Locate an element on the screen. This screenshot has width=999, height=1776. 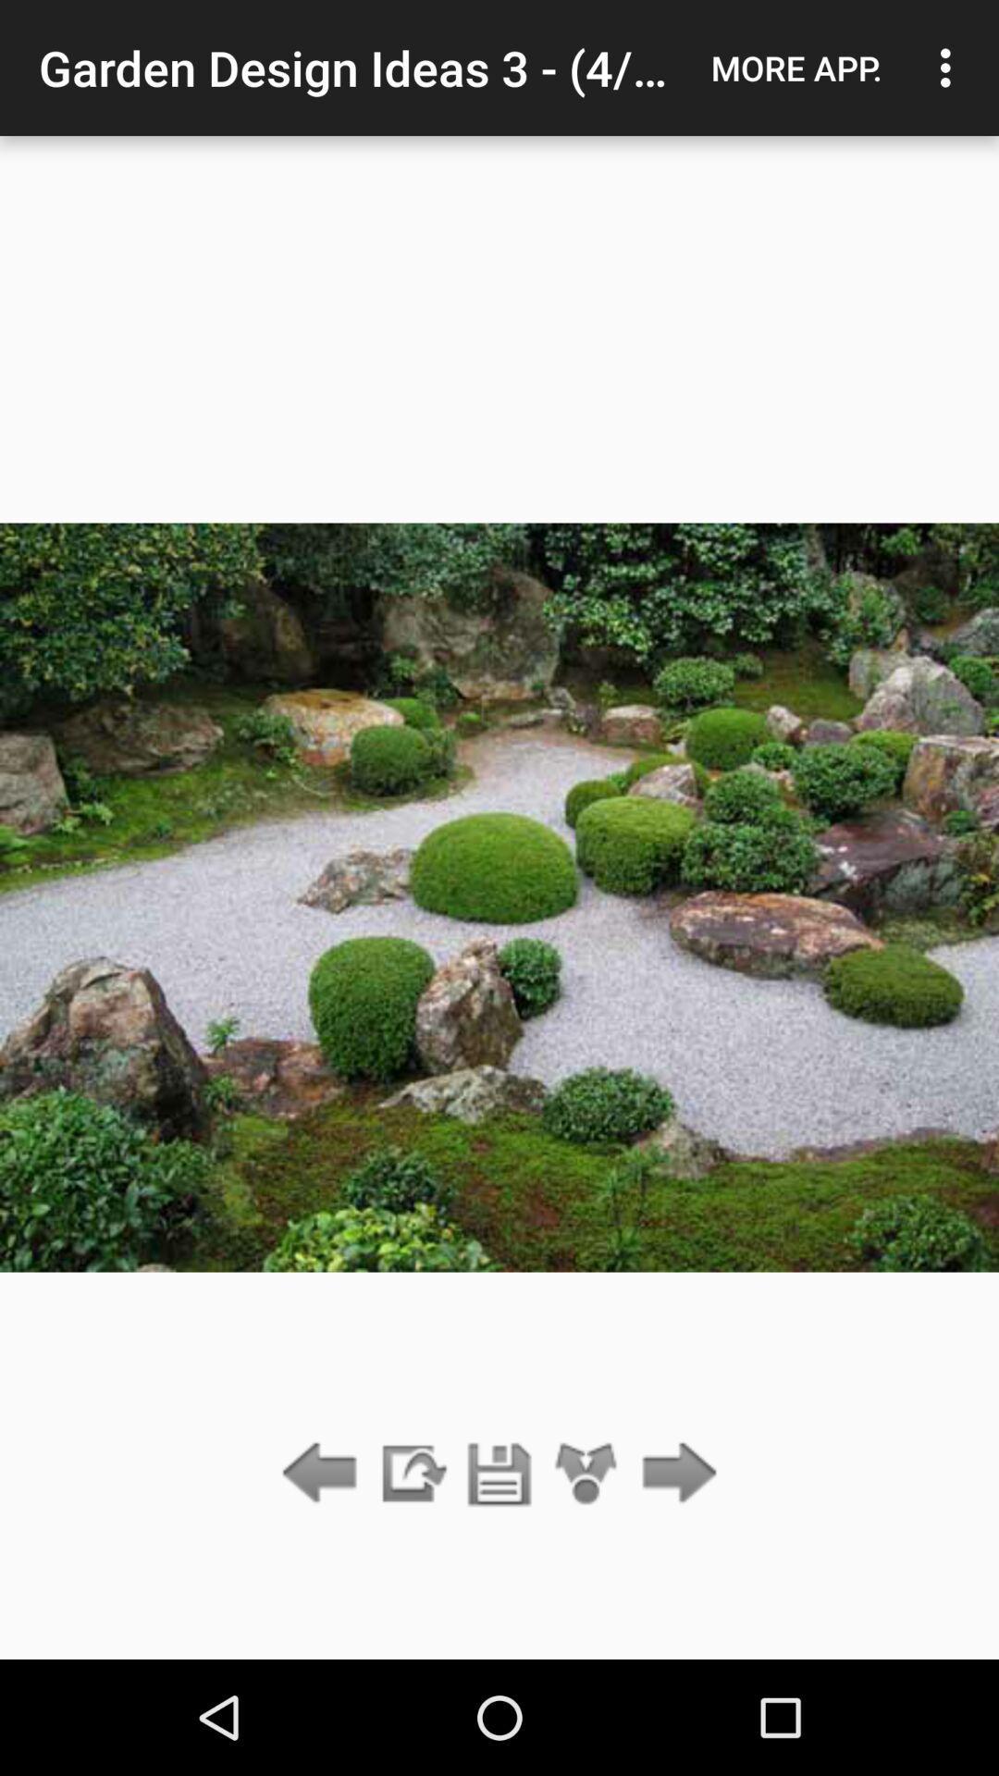
go forward is located at coordinates (674, 1474).